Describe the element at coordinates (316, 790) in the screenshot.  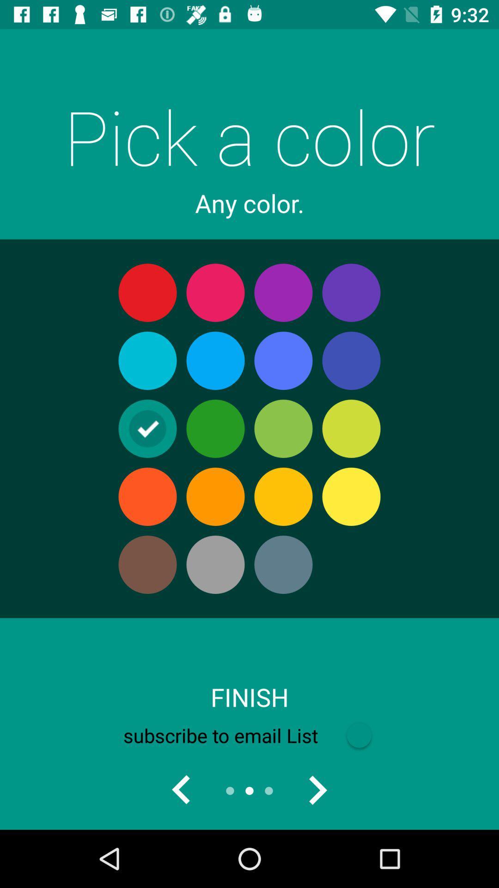
I see `item below the subscribe to email` at that location.